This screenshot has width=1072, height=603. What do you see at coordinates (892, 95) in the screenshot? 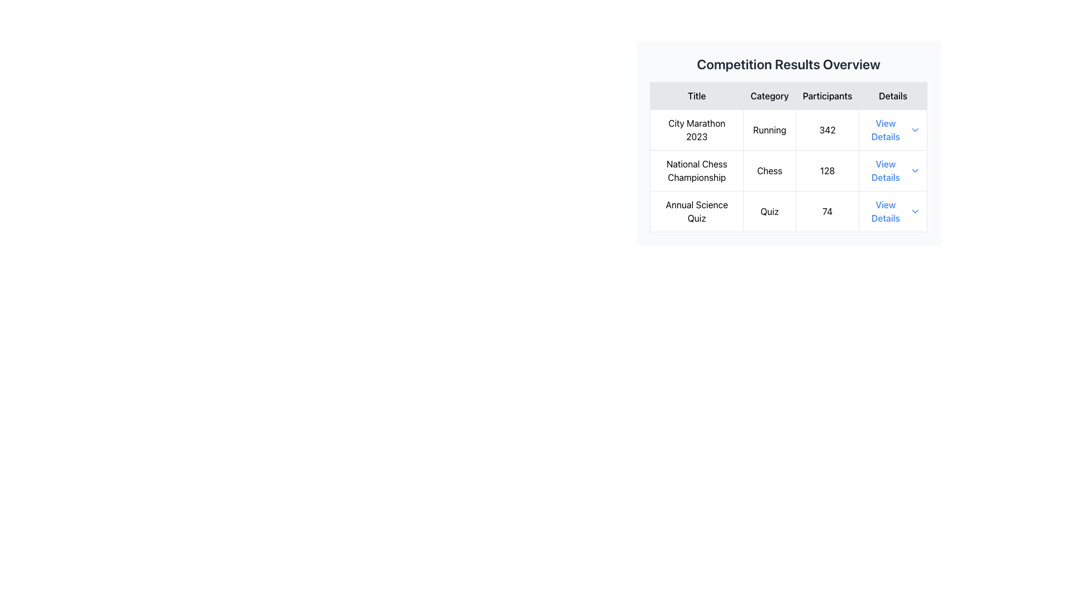
I see `the text label 'Details'` at bounding box center [892, 95].